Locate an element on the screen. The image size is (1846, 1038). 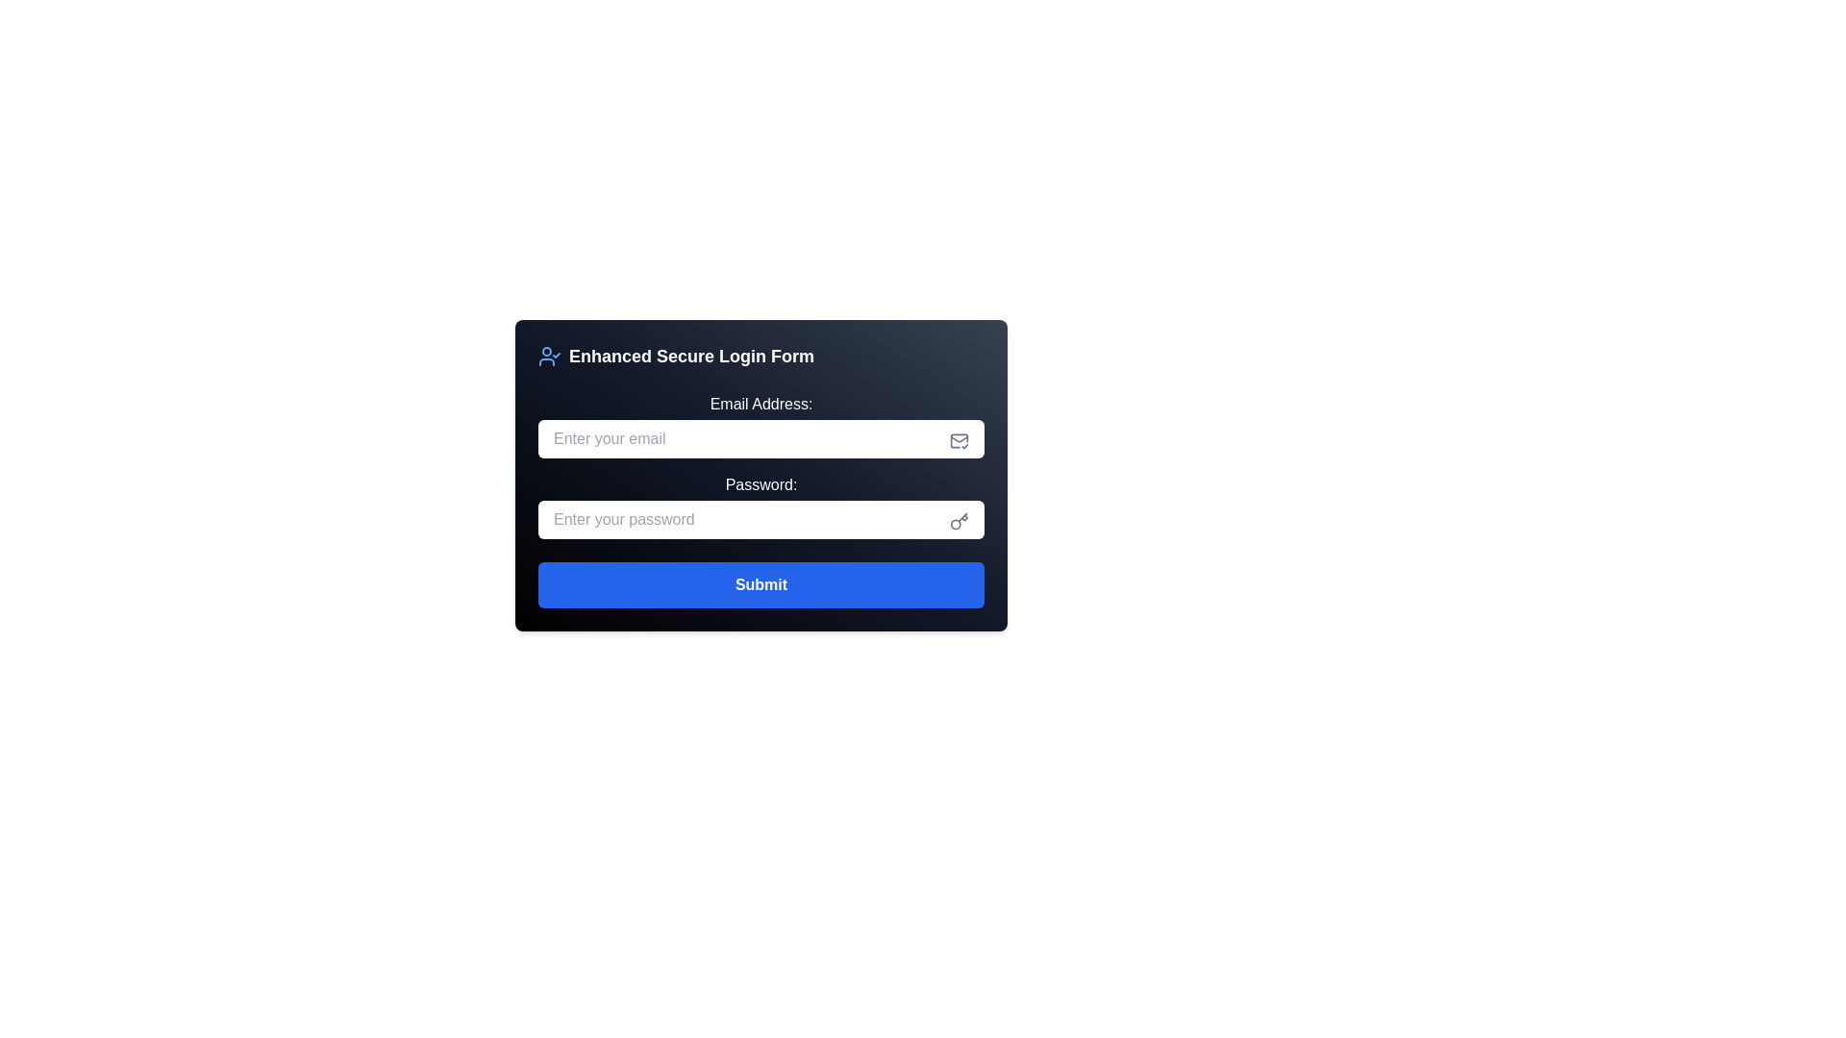
the SVG icon of a user check, which has a blue outline and is located to the left of the title text 'Enhanced Secure Login Form' is located at coordinates (548, 356).